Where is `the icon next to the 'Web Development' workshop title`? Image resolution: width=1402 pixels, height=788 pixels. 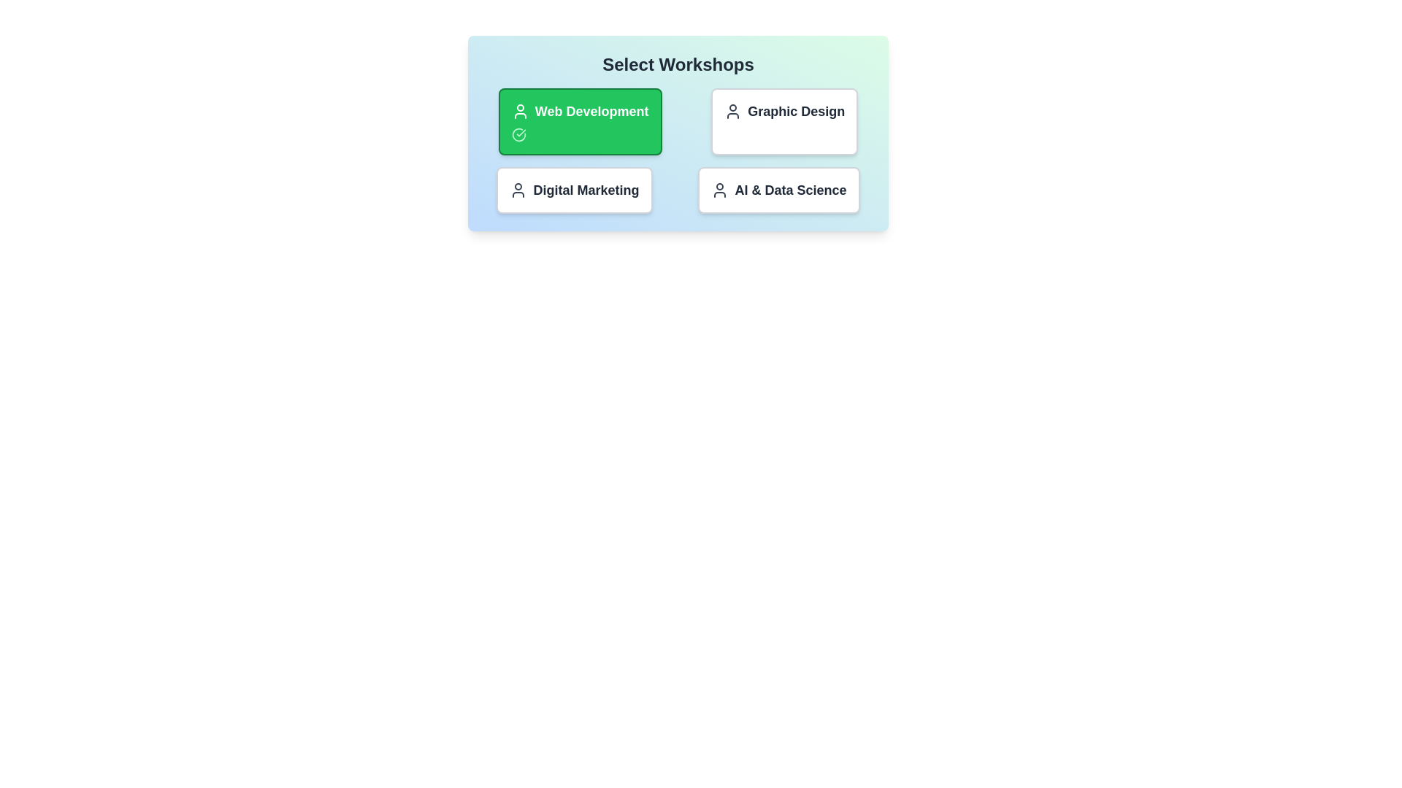 the icon next to the 'Web Development' workshop title is located at coordinates (520, 111).